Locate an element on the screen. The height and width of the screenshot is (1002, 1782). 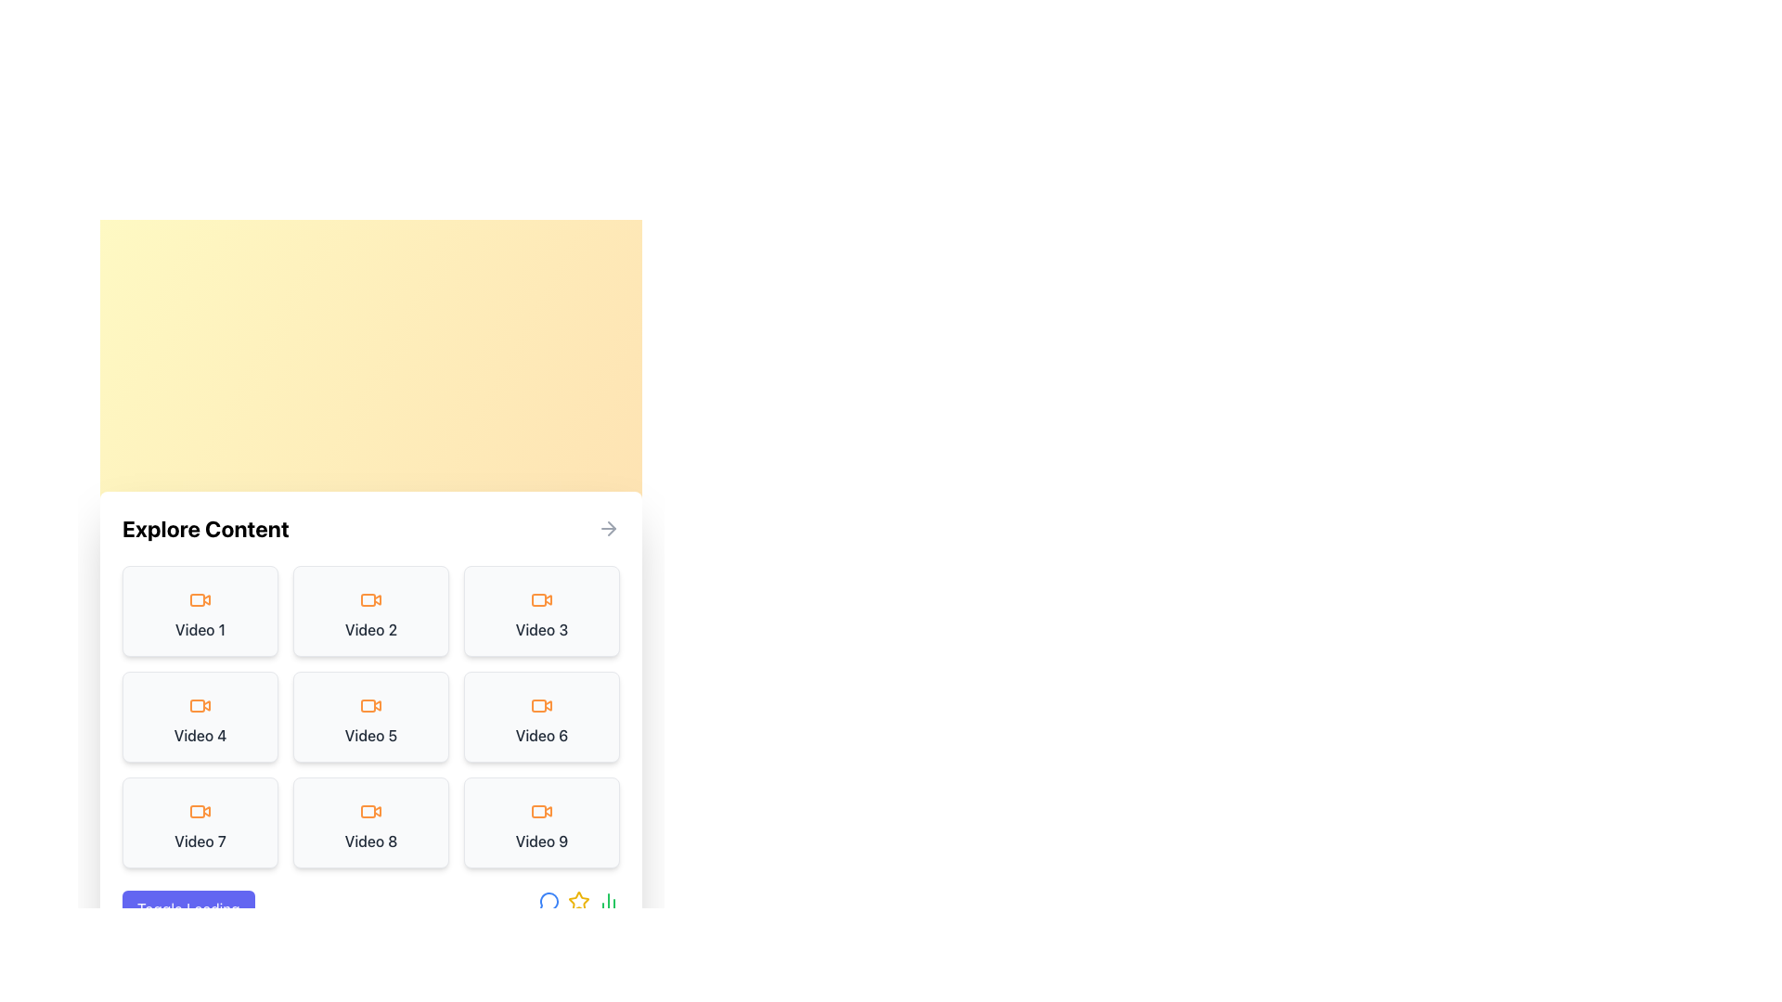
the 'Video 8' button, which is a rectangular button with rounded corners, light gray background, and an orange video icon above the text label in dark gray is located at coordinates (370, 822).